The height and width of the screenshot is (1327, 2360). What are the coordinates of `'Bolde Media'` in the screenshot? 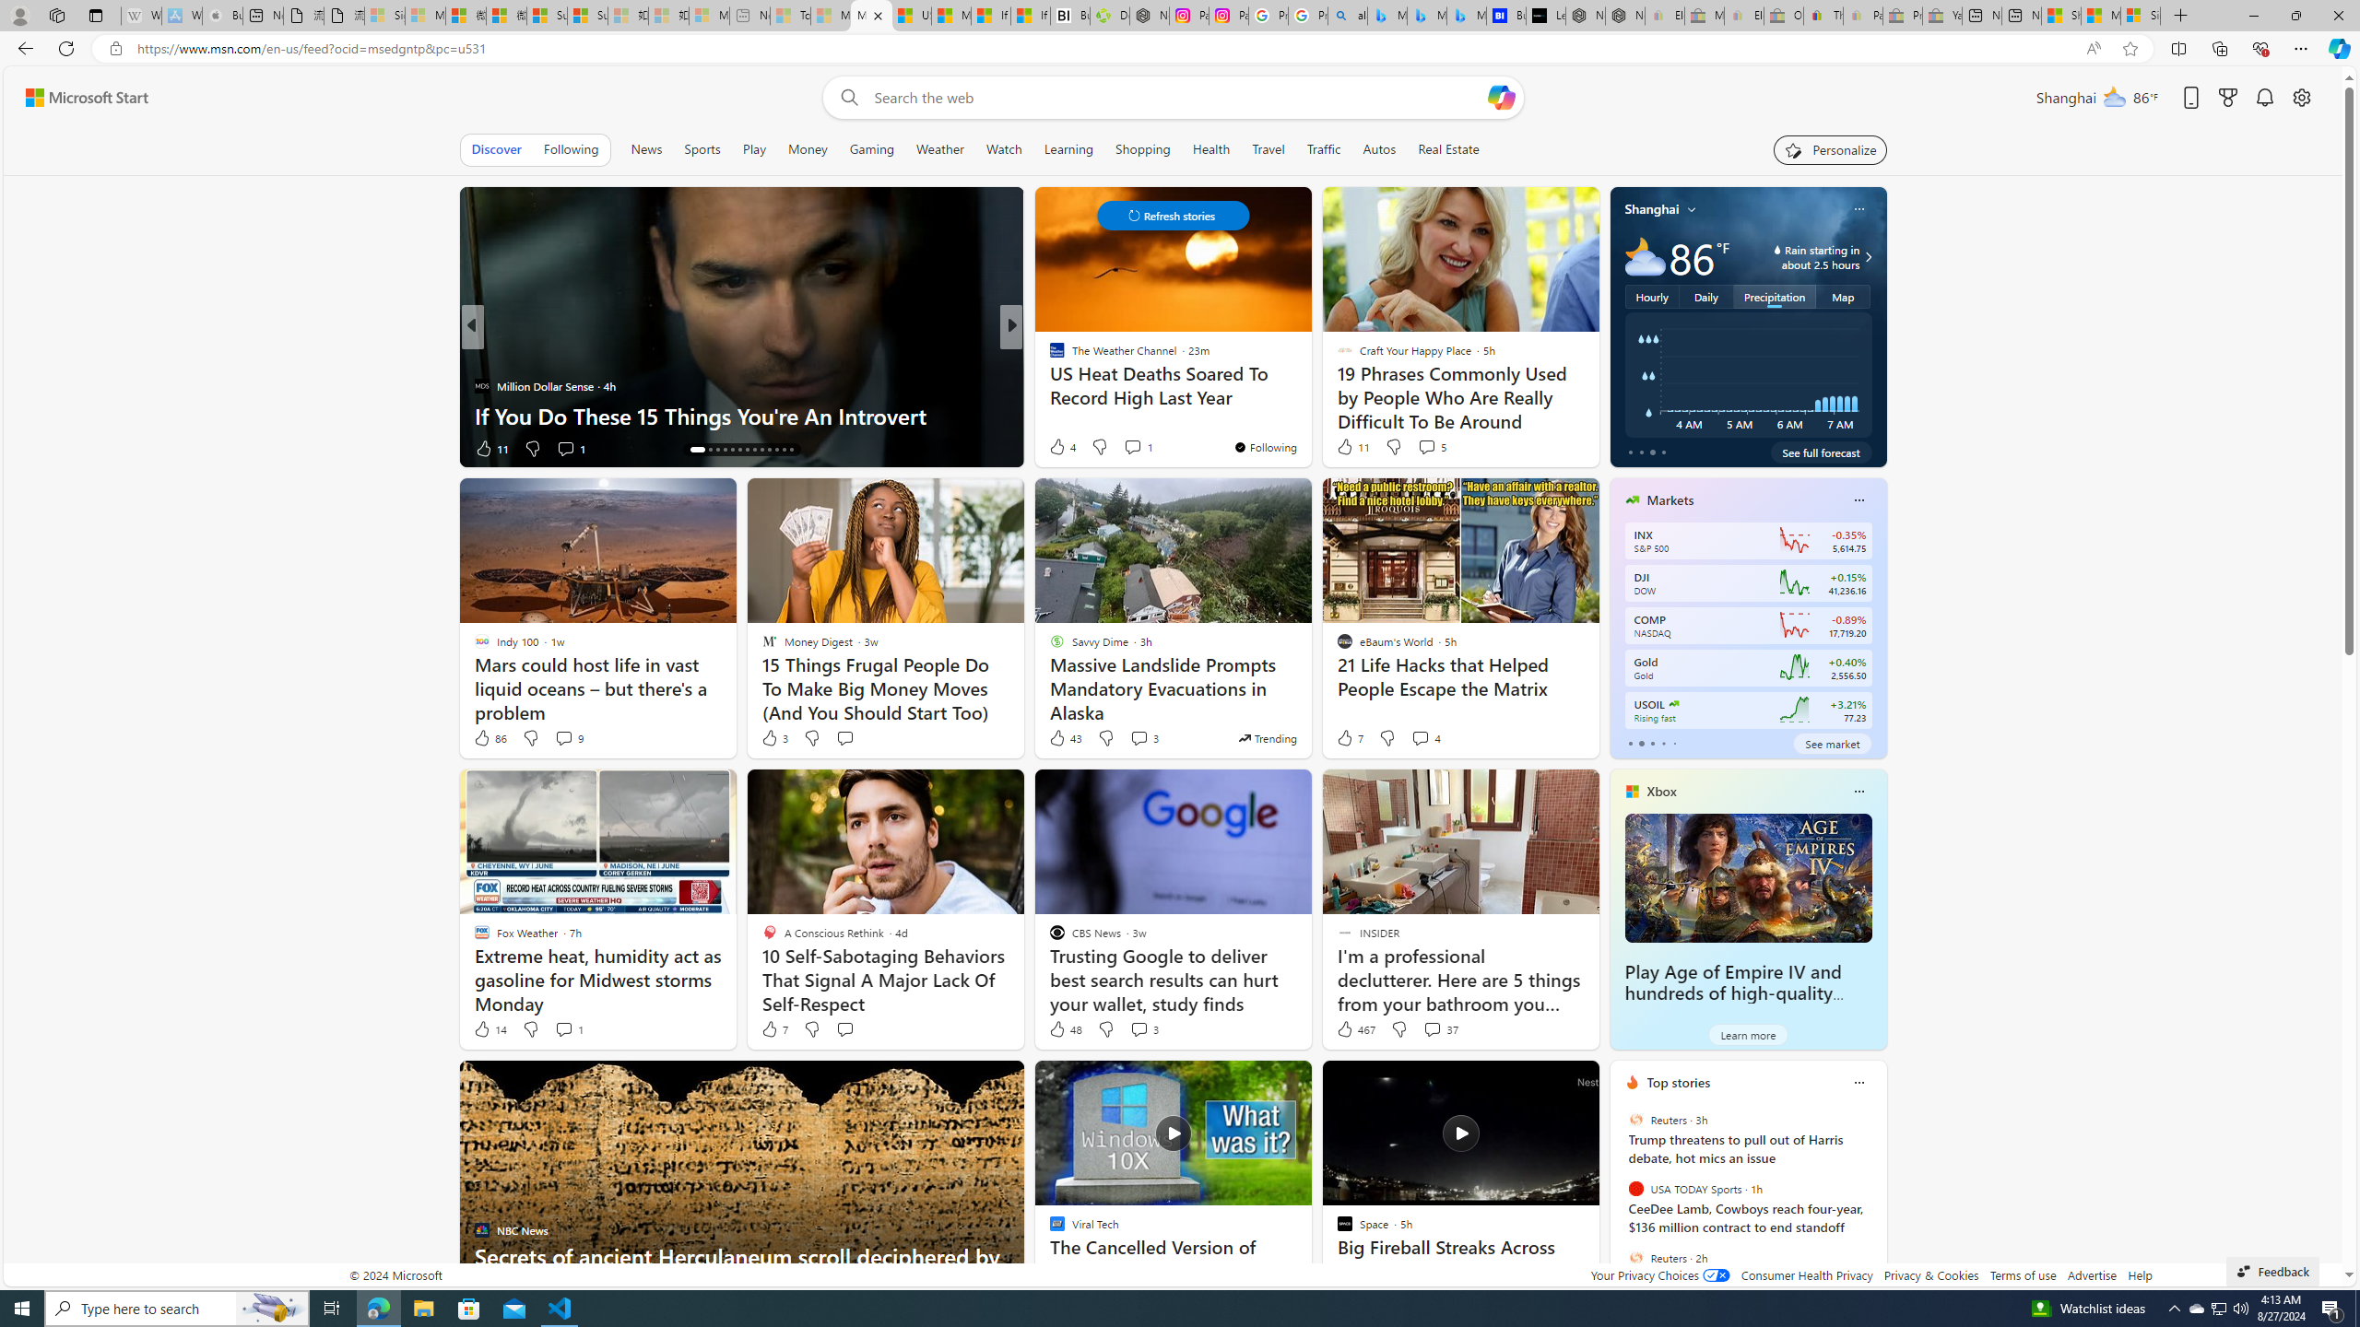 It's located at (1048, 356).